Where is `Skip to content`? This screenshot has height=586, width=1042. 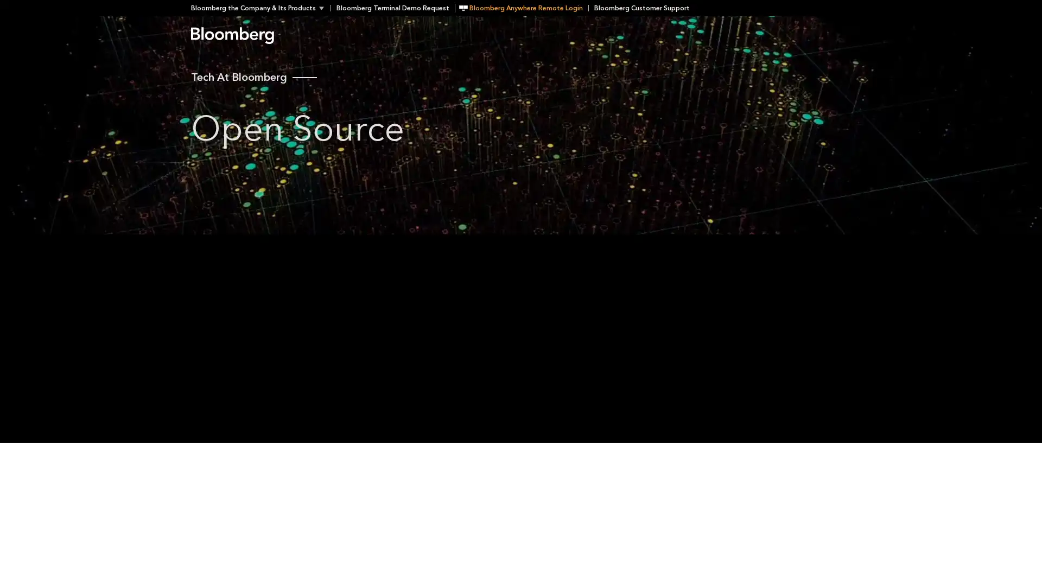
Skip to content is located at coordinates (5, 2).